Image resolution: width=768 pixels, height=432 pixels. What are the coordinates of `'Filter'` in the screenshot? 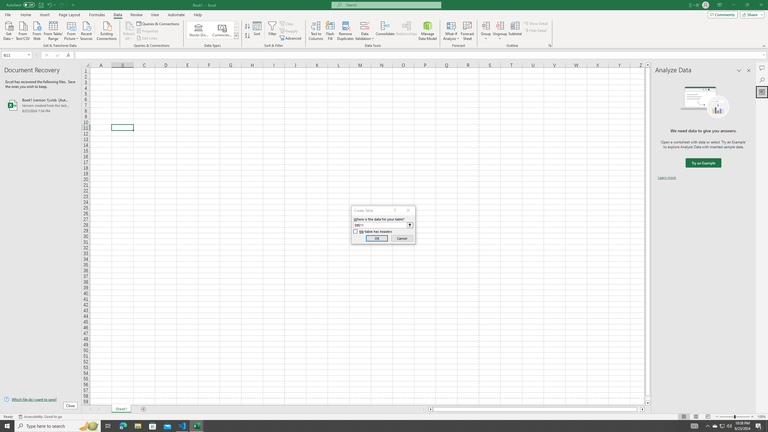 It's located at (272, 31).